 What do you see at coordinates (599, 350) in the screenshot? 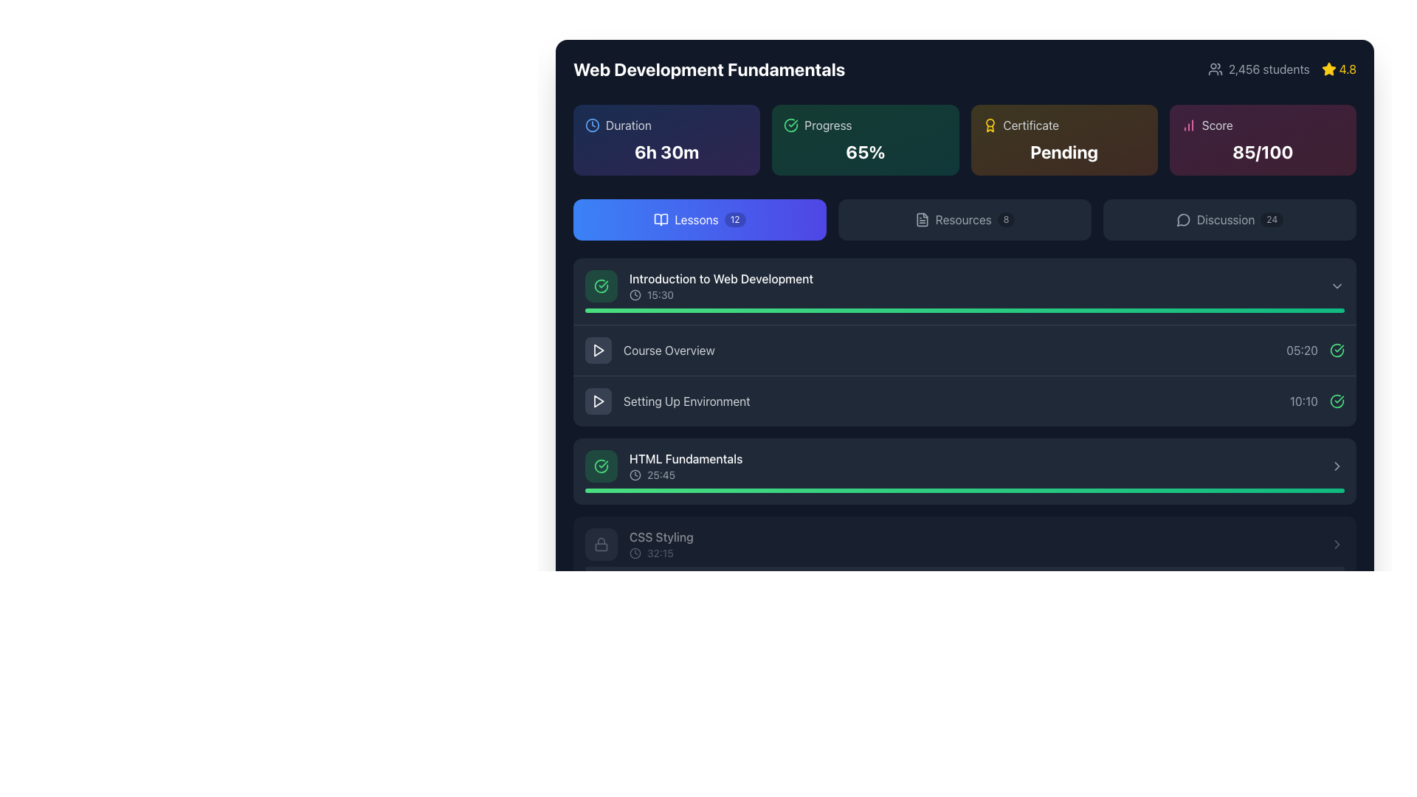
I see `the play icon, which is a small triangular shape pointing rightwards, styled in white and located within a dark circular button` at bounding box center [599, 350].